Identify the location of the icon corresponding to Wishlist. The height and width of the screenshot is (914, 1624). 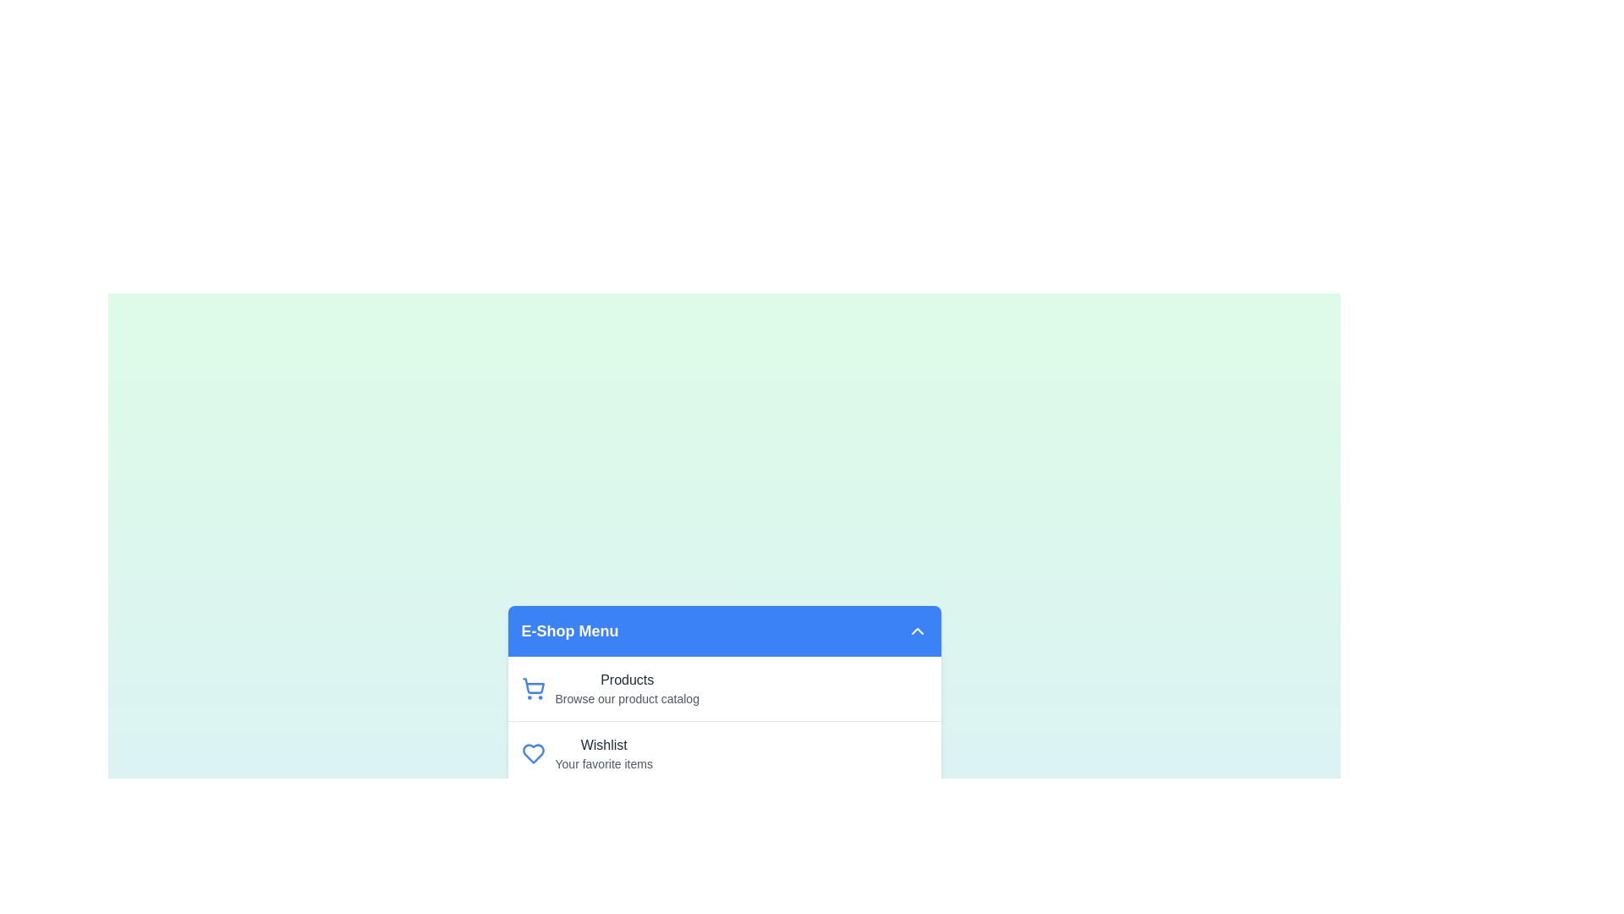
(532, 753).